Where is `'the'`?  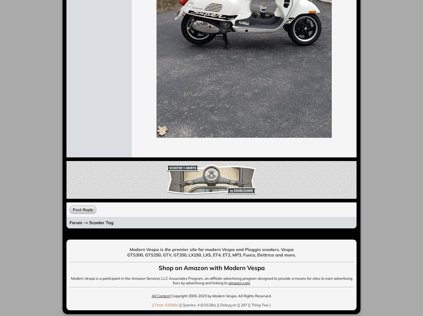
'the' is located at coordinates (167, 250).